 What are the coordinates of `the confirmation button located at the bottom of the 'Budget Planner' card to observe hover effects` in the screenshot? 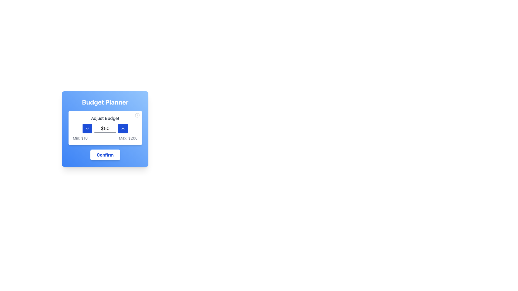 It's located at (105, 155).